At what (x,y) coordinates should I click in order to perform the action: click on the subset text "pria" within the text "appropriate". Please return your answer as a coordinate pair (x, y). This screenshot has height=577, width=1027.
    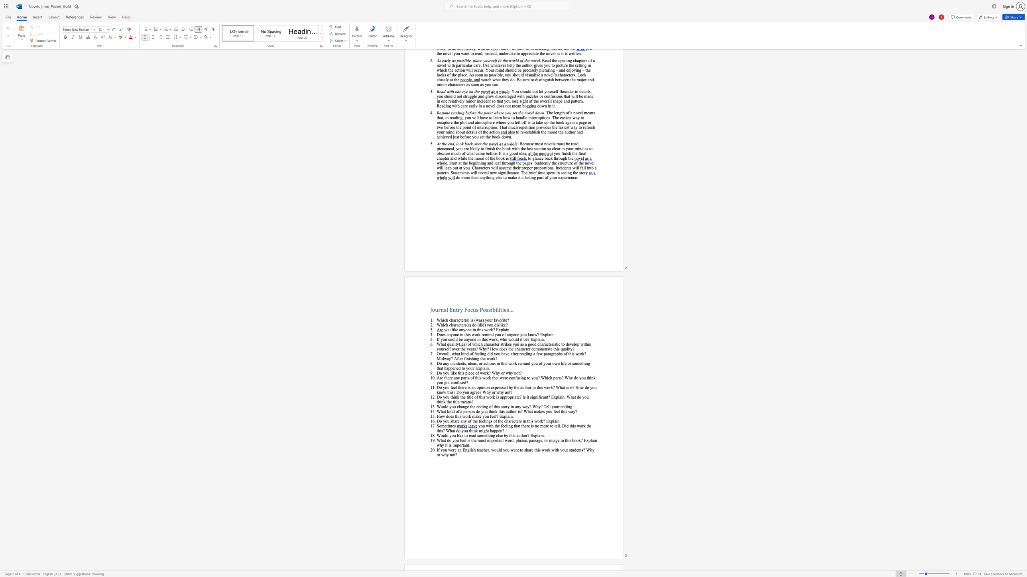
    Looking at the image, I should click on (509, 397).